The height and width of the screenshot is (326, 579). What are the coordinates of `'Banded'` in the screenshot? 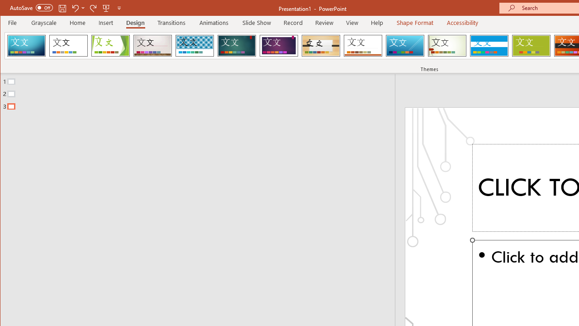 It's located at (489, 45).